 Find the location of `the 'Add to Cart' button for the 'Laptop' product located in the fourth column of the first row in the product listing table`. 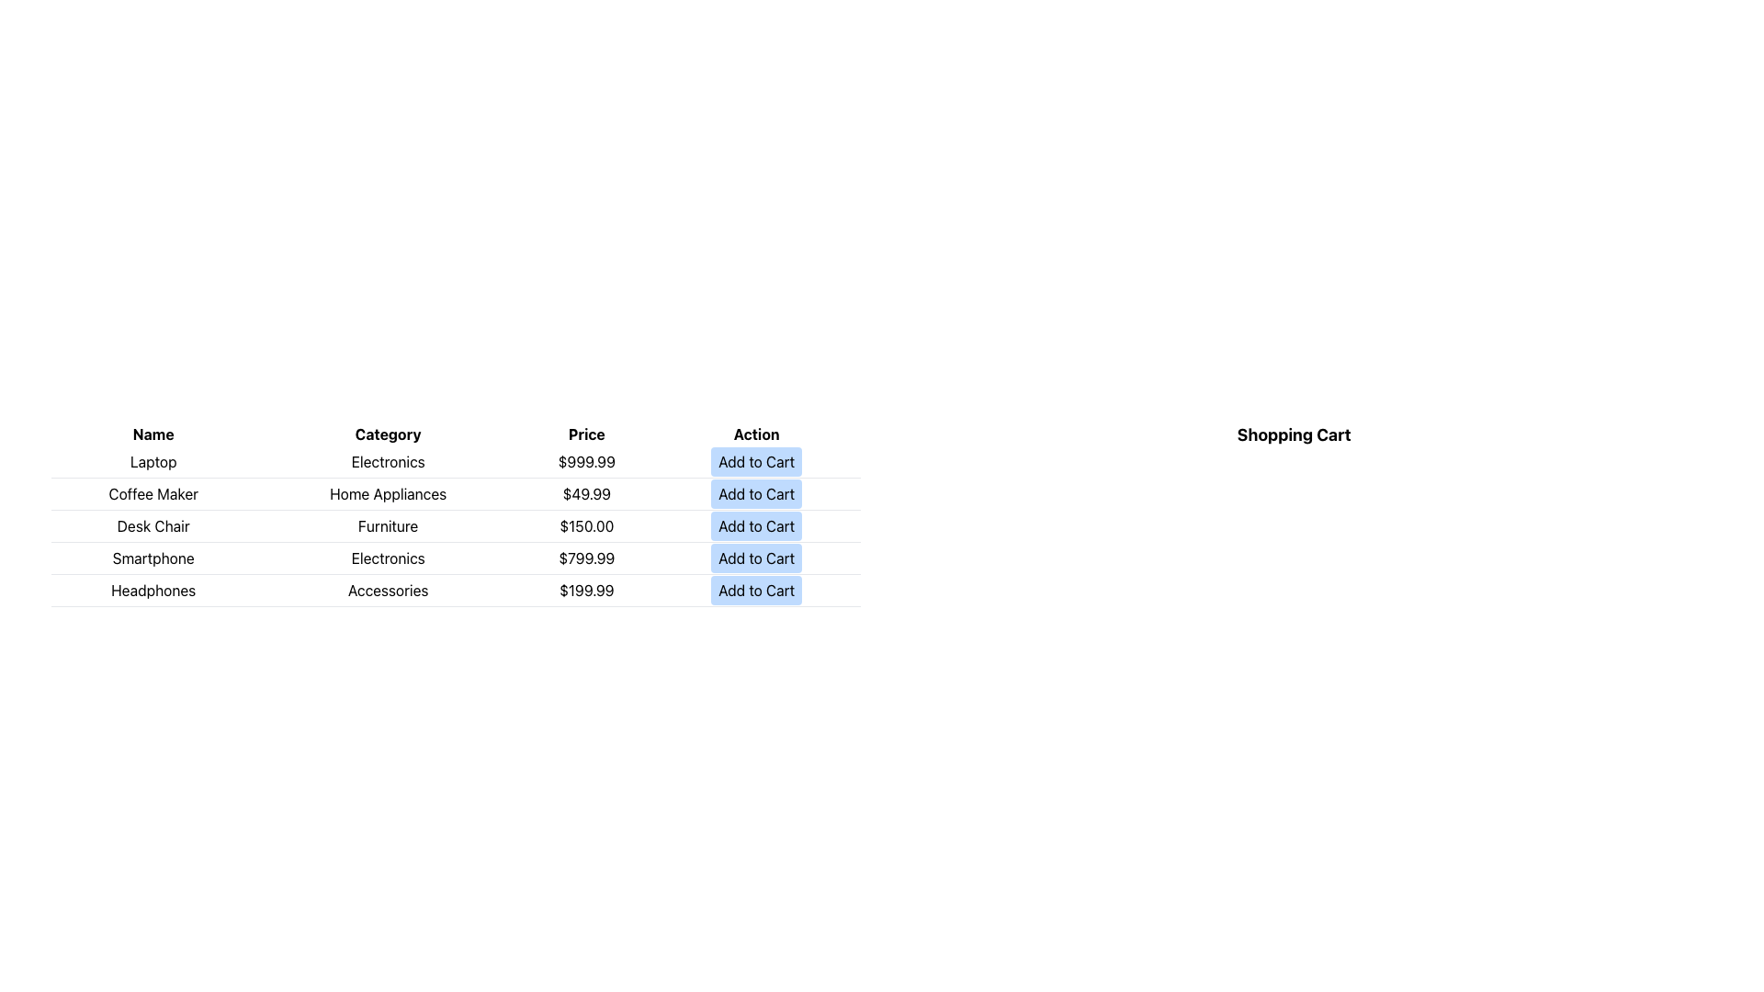

the 'Add to Cart' button for the 'Laptop' product located in the fourth column of the first row in the product listing table is located at coordinates (756, 461).